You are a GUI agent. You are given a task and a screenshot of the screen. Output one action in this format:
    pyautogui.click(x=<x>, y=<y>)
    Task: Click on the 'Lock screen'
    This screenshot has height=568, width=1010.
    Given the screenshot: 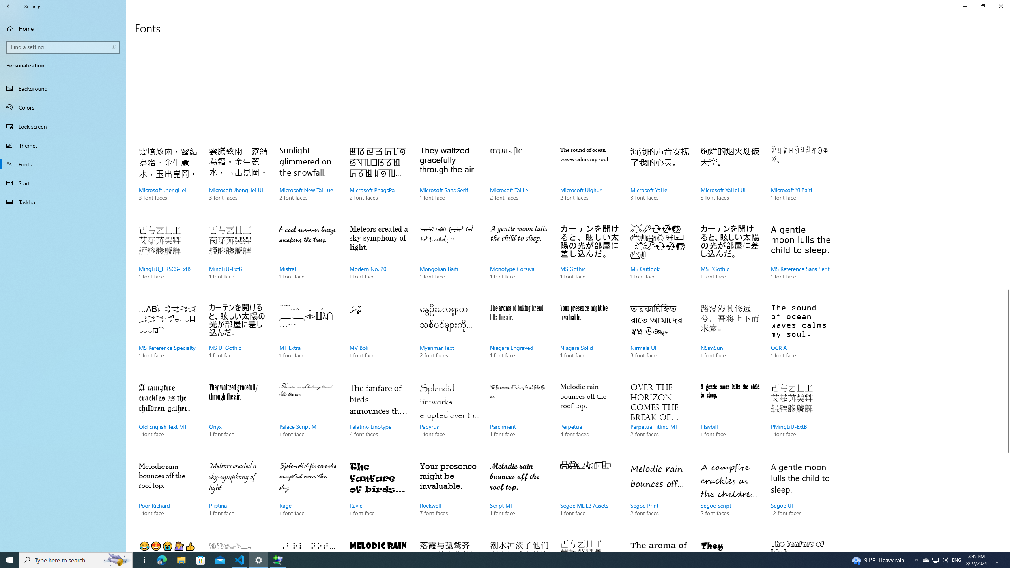 What is the action you would take?
    pyautogui.click(x=63, y=126)
    